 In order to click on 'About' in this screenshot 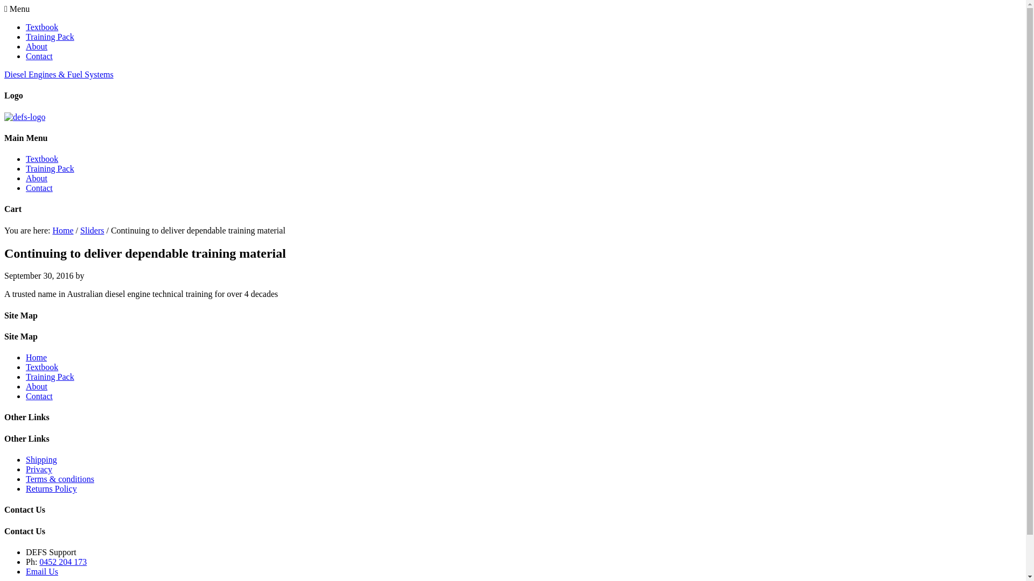, I will do `click(36, 386)`.